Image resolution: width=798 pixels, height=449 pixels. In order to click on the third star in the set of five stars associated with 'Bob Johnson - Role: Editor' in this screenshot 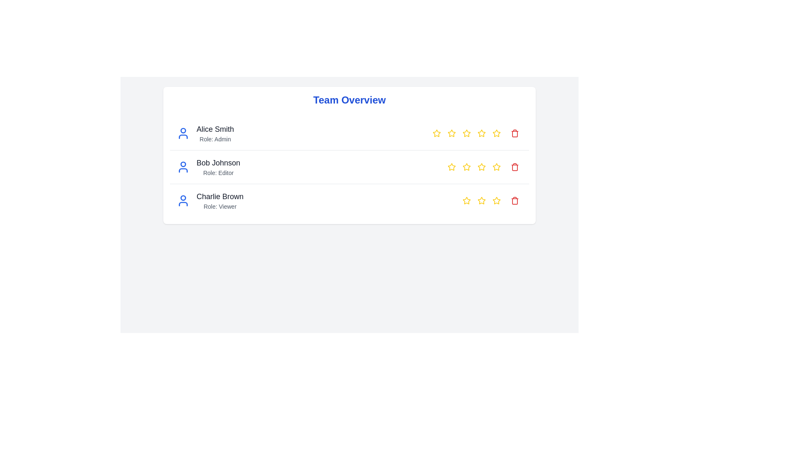, I will do `click(466, 167)`.